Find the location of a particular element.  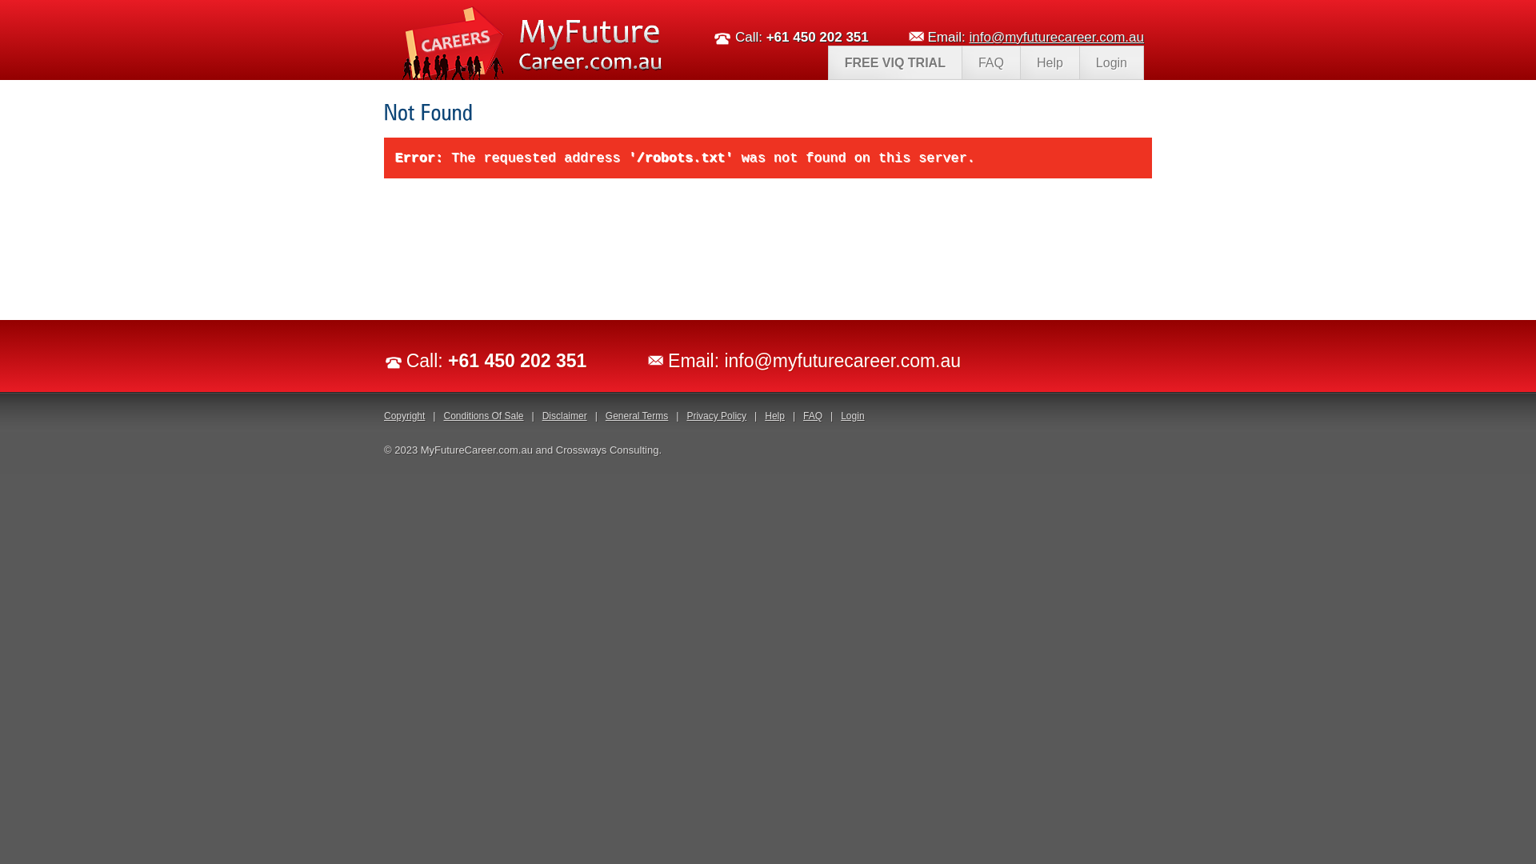

'General Terms' is located at coordinates (636, 415).